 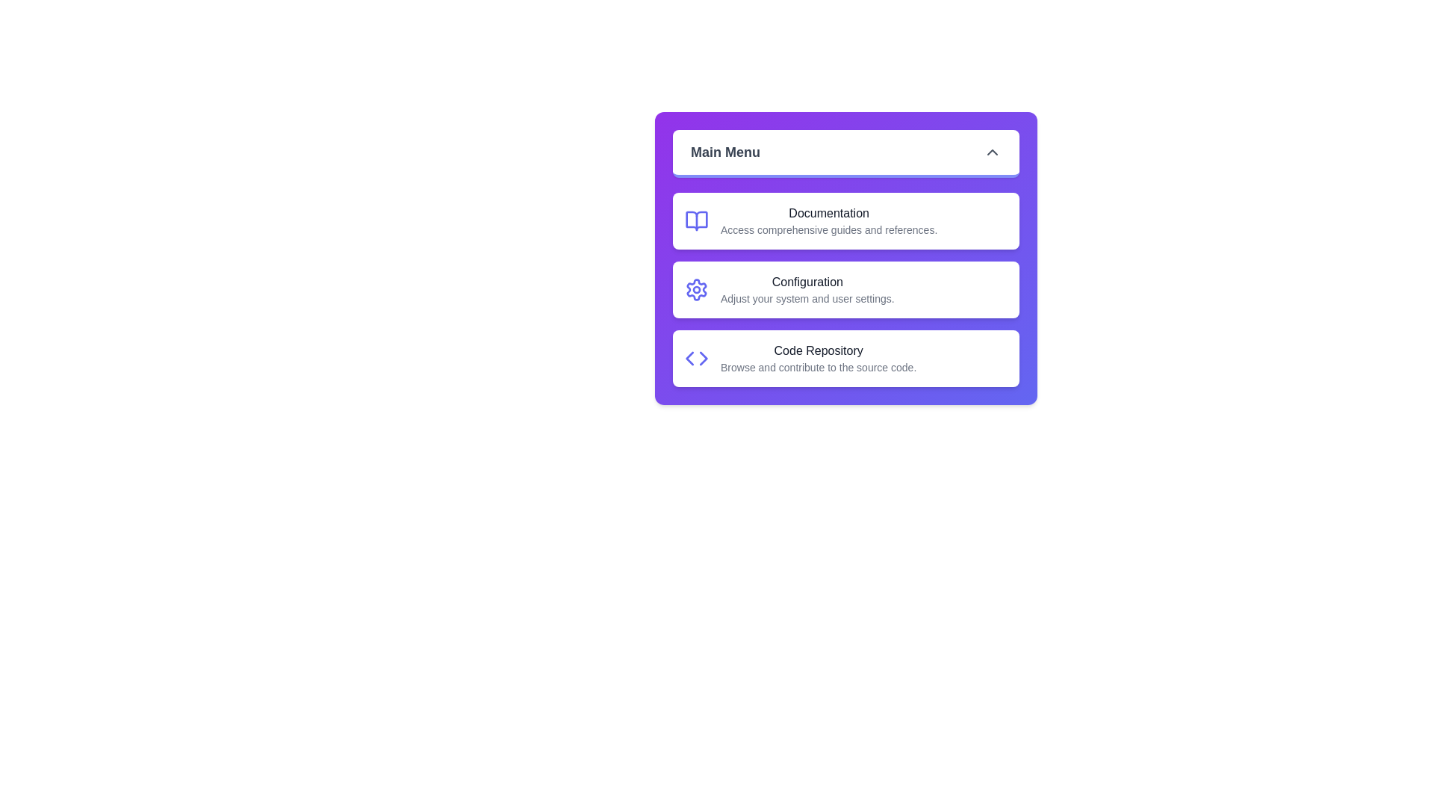 What do you see at coordinates (845, 153) in the screenshot?
I see `the main menu button to toggle the menu visibility` at bounding box center [845, 153].